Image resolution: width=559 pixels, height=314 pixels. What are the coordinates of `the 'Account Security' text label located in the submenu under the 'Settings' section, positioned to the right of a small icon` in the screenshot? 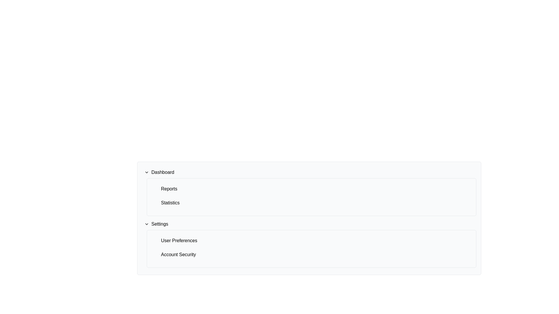 It's located at (178, 254).